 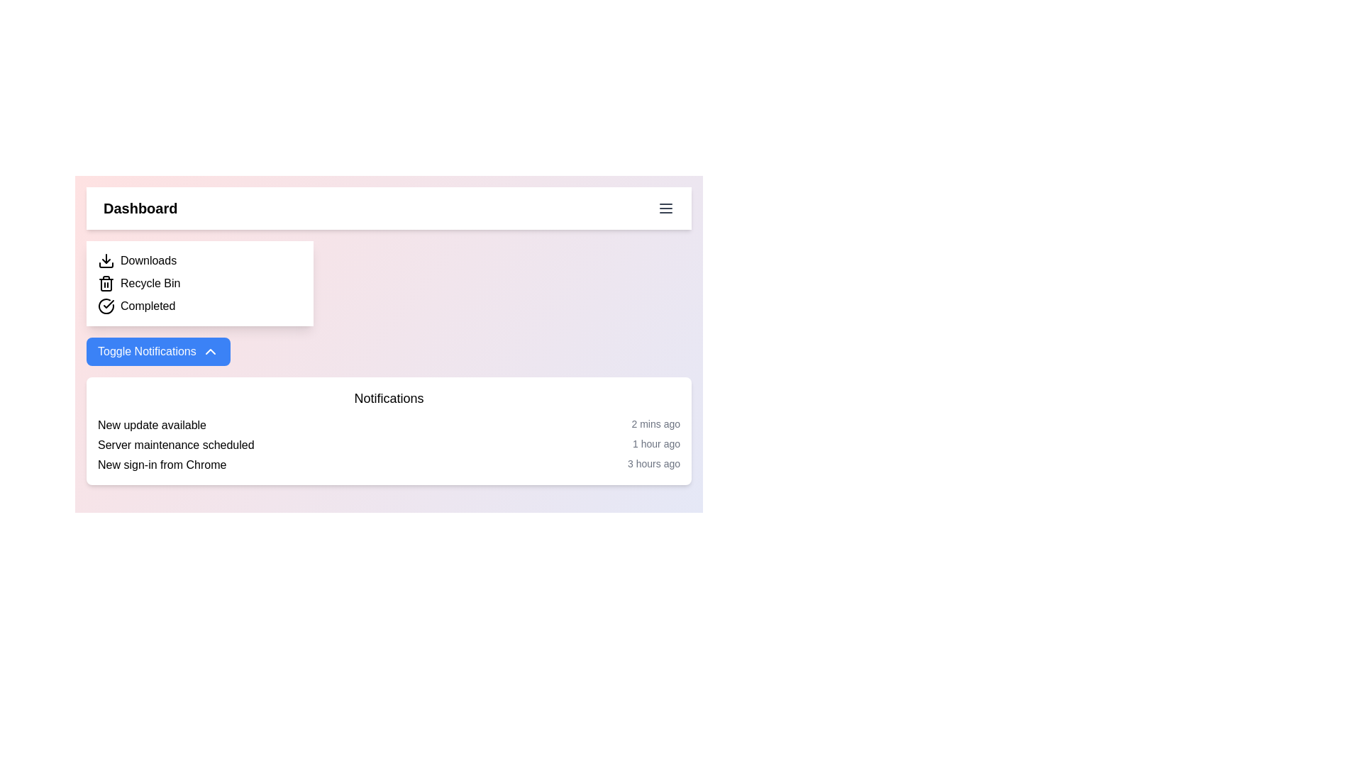 What do you see at coordinates (158, 351) in the screenshot?
I see `the blue button labeled 'Toggle Notifications' with an upward-pointing arrow icon` at bounding box center [158, 351].